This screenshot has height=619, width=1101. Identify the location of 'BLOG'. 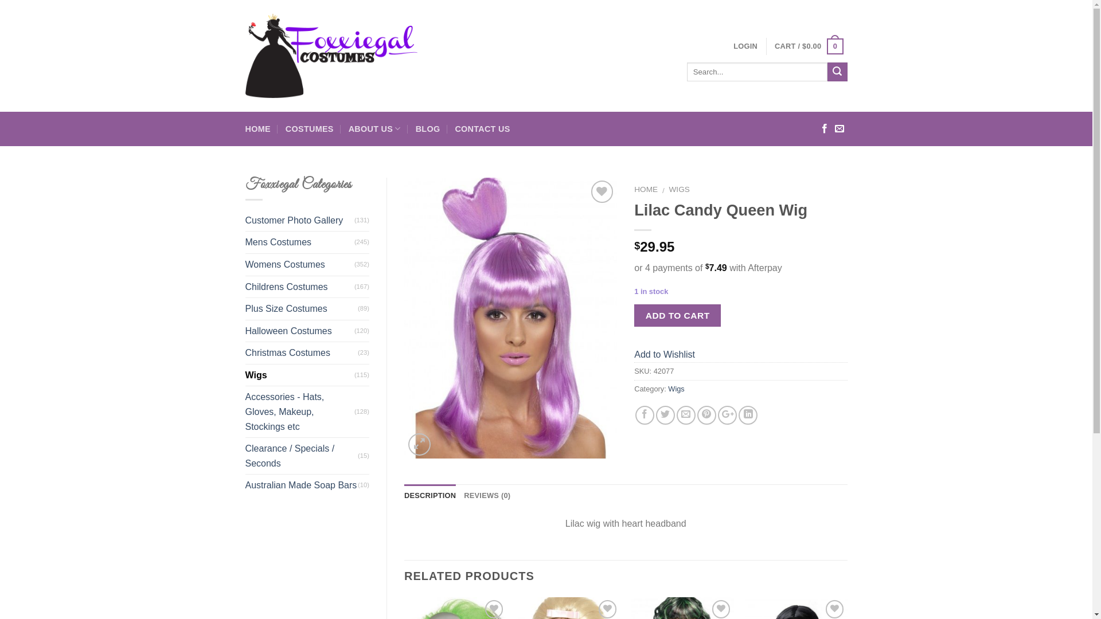
(427, 128).